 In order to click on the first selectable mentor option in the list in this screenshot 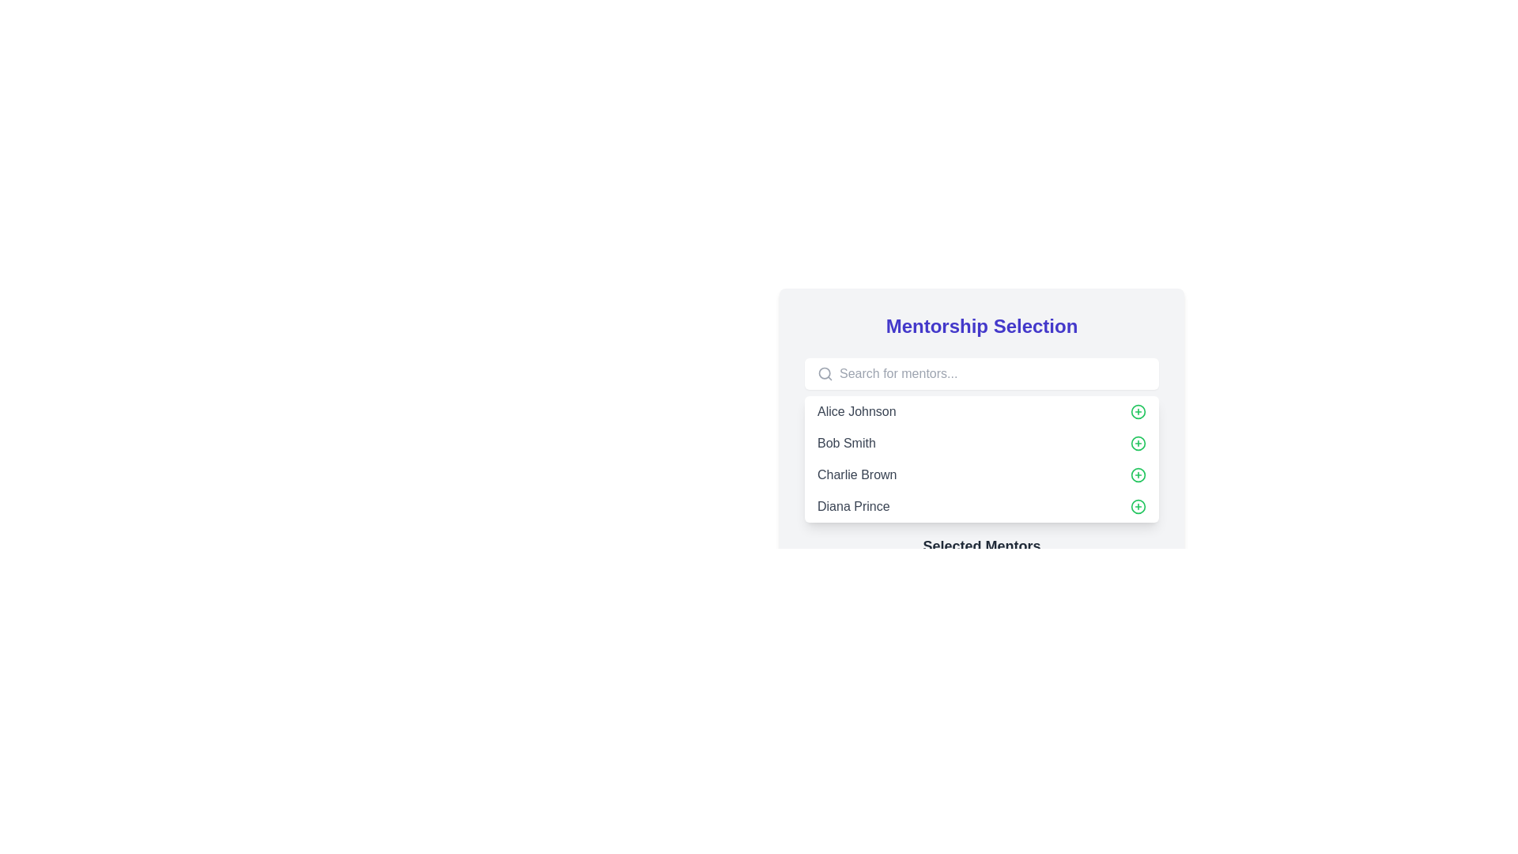, I will do `click(981, 410)`.